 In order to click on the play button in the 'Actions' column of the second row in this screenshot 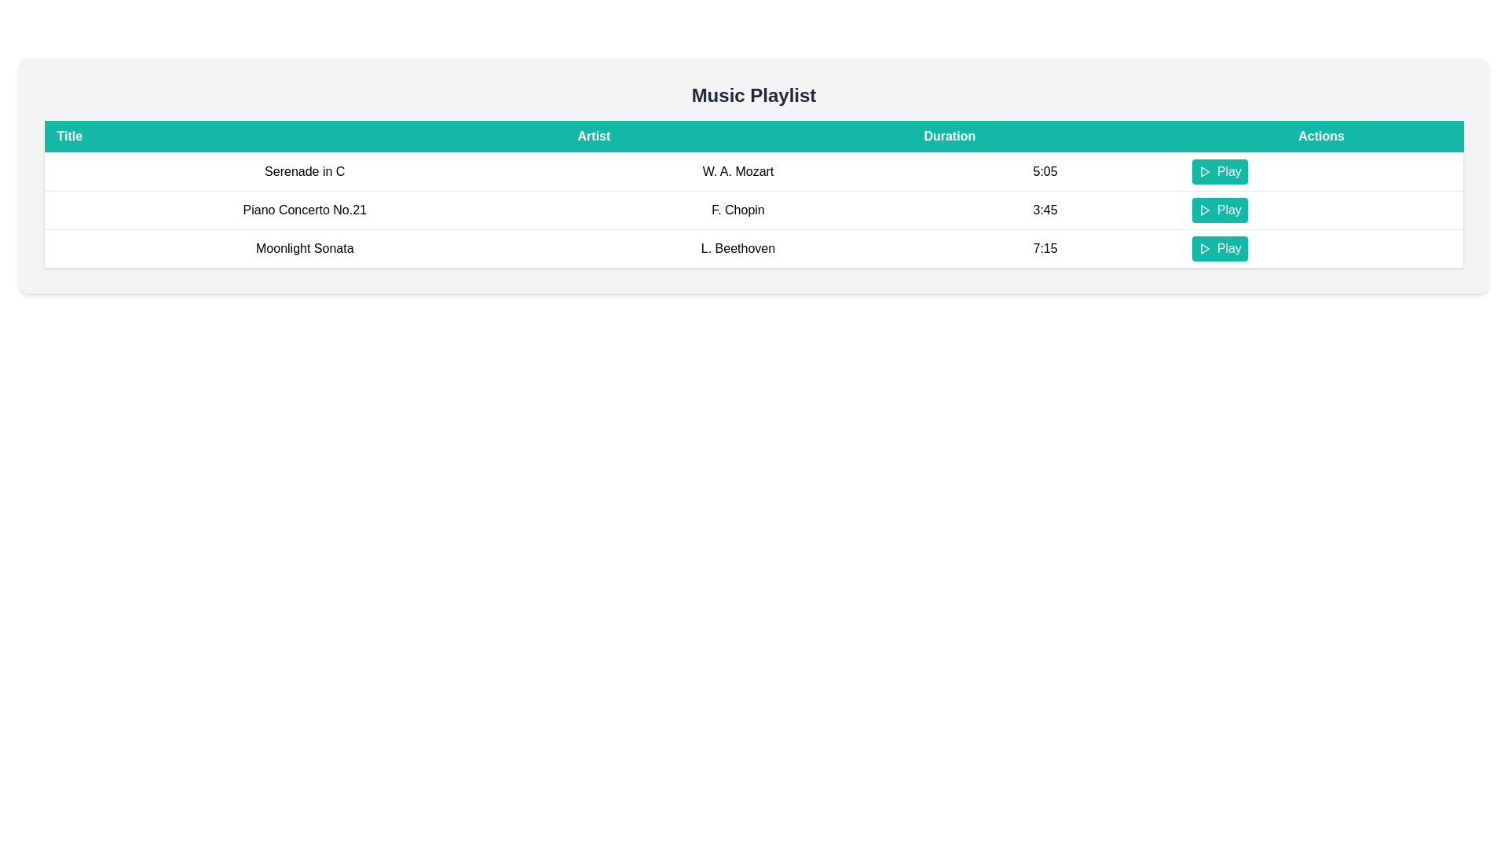, I will do `click(1219, 209)`.